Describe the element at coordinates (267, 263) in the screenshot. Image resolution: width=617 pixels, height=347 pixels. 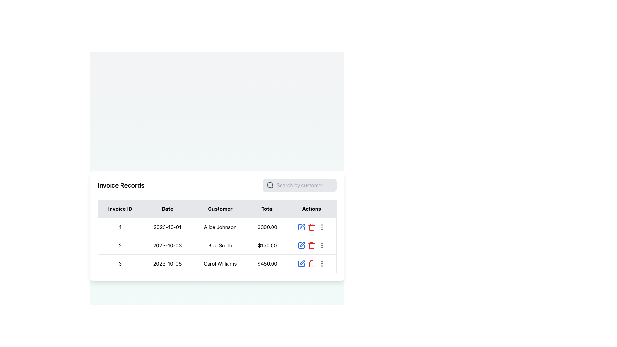
I see `displayed text from the text label showing the amount '$450.00' in the 'Total' column for the entry labeled 'Carol Williams'` at that location.